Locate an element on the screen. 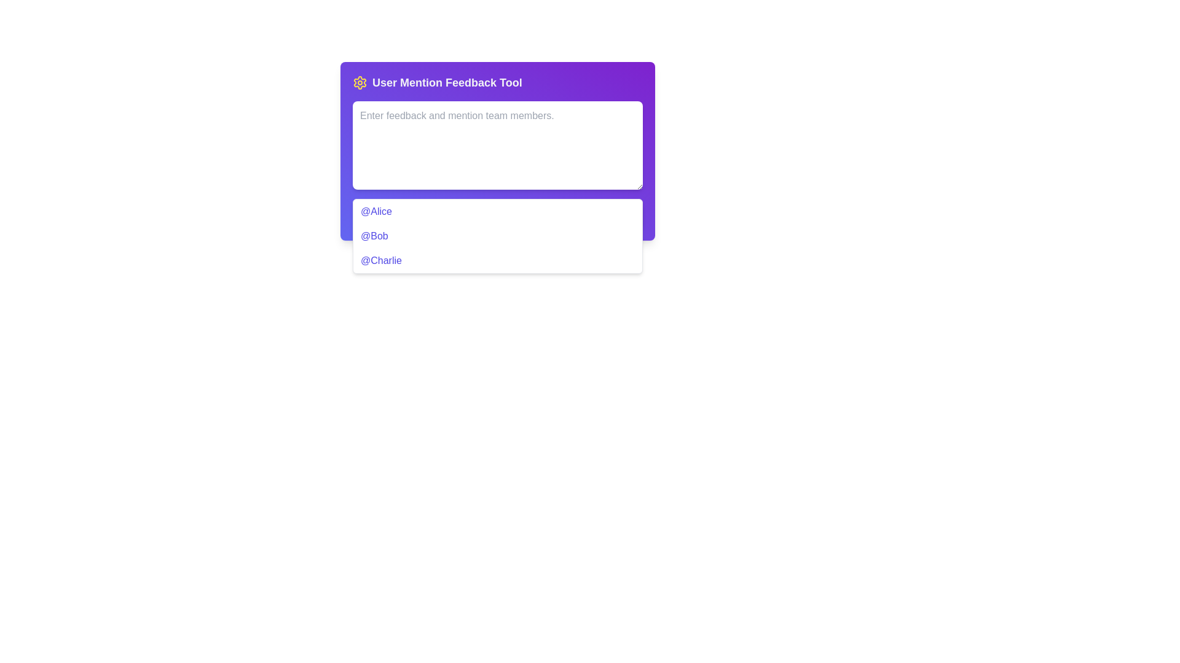 This screenshot has width=1180, height=663. the third selectable item in the dropdown list is located at coordinates (498, 260).